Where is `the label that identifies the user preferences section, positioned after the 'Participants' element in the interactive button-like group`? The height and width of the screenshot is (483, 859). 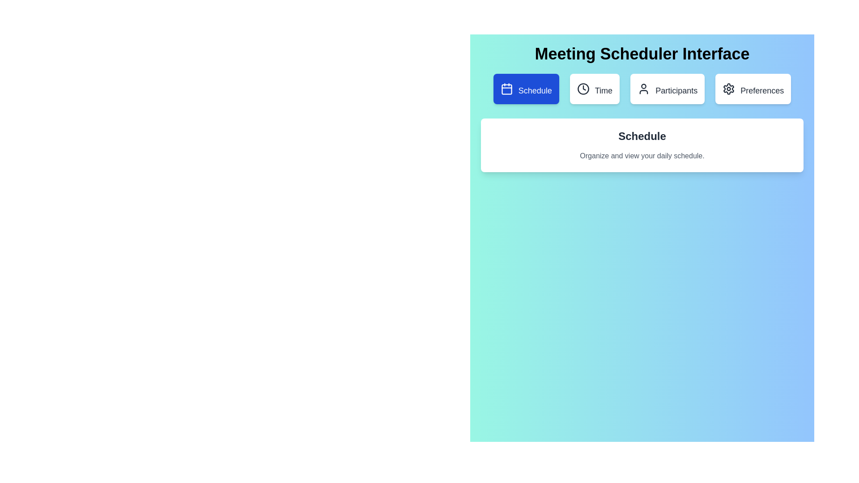 the label that identifies the user preferences section, positioned after the 'Participants' element in the interactive button-like group is located at coordinates (761, 91).